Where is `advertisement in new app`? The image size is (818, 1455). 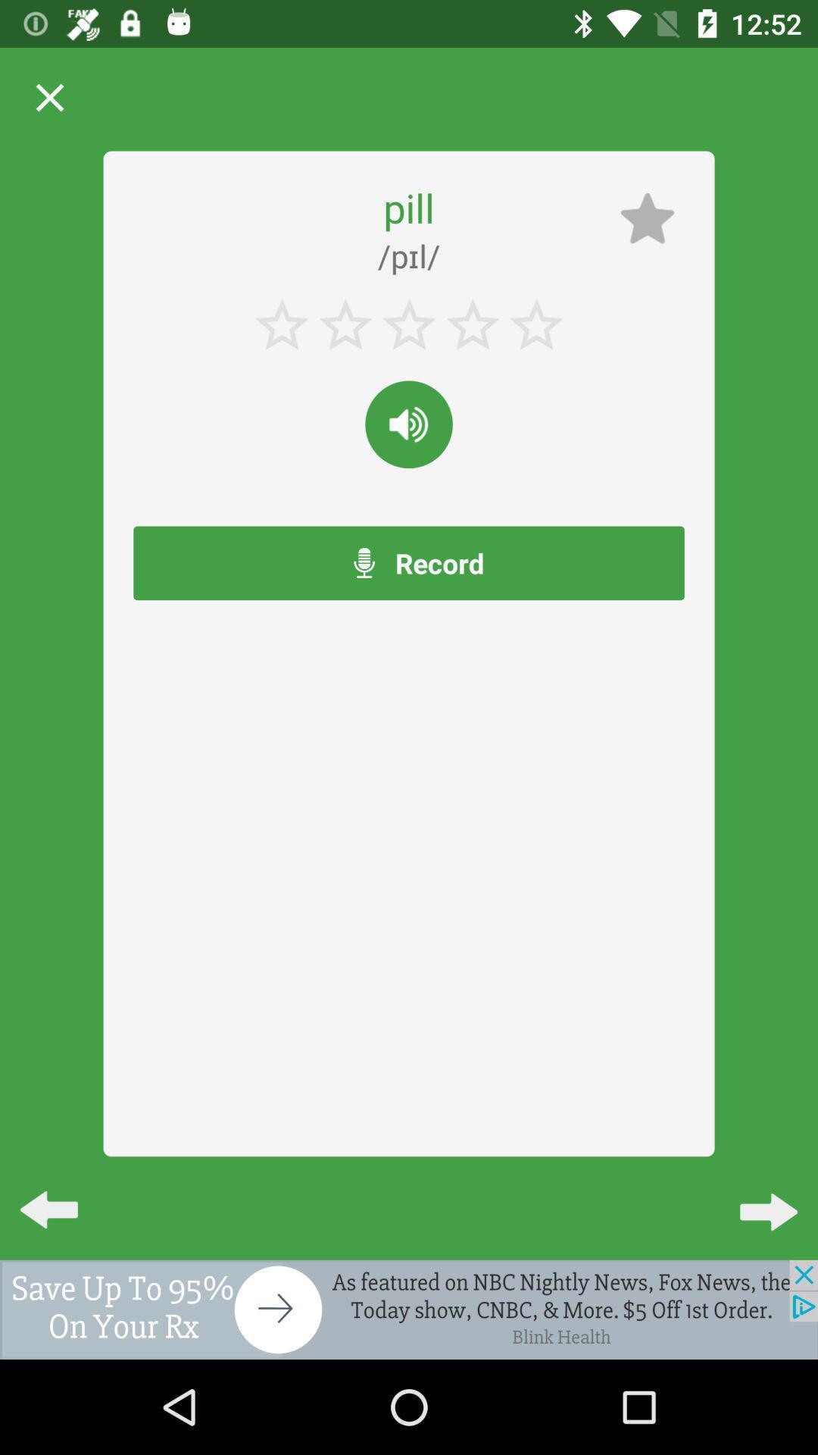 advertisement in new app is located at coordinates (409, 1309).